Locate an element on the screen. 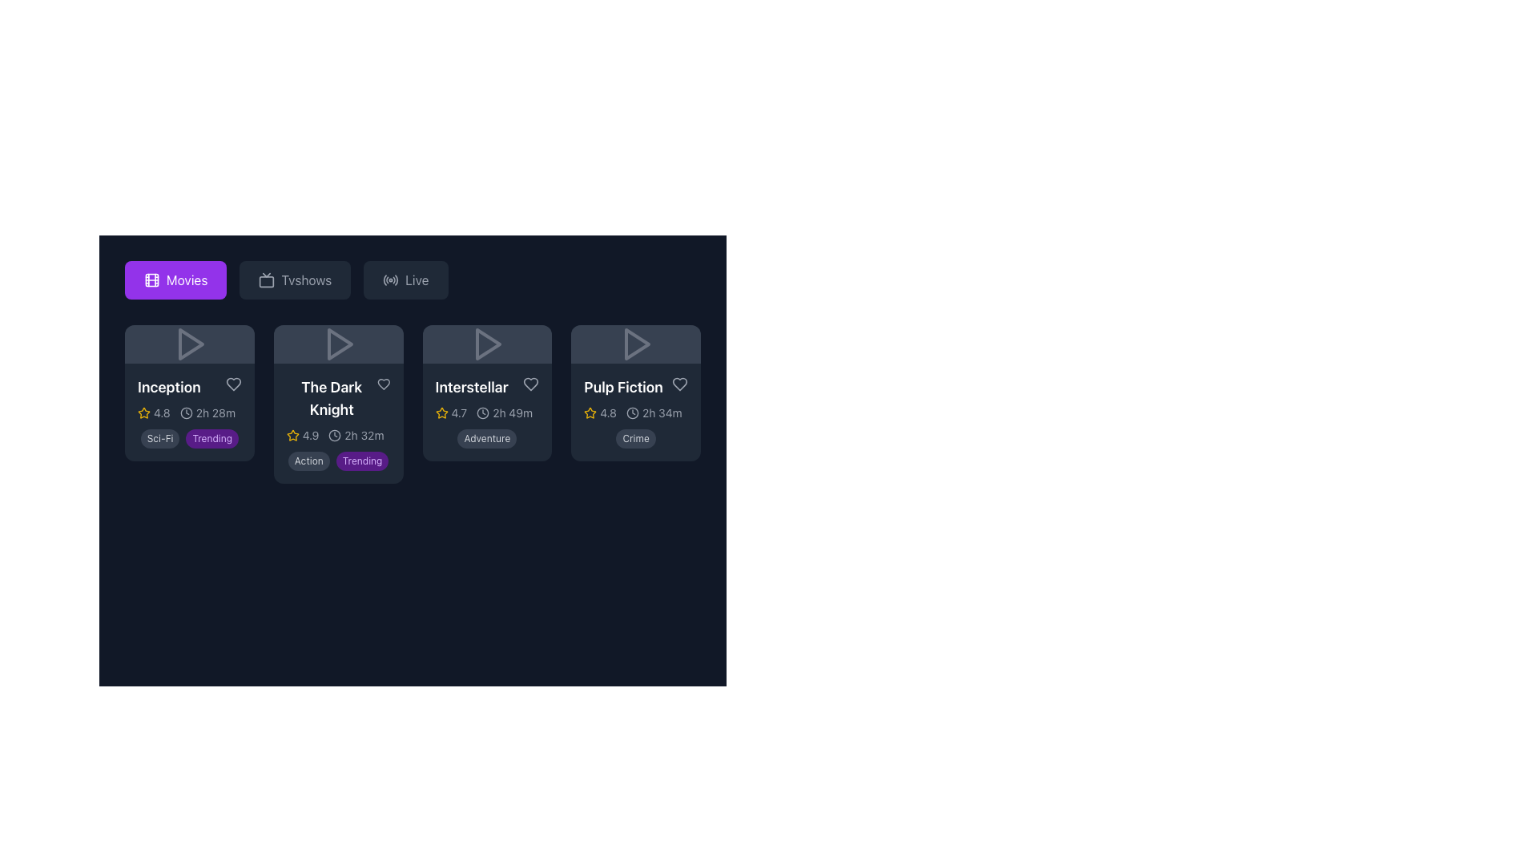 Image resolution: width=1538 pixels, height=865 pixels. the Rating display for the movie 'The Dark Knight', which shows the user rating and is located to the left of the duration text ('2h 32m') in the second column of movie cards is located at coordinates (303, 435).